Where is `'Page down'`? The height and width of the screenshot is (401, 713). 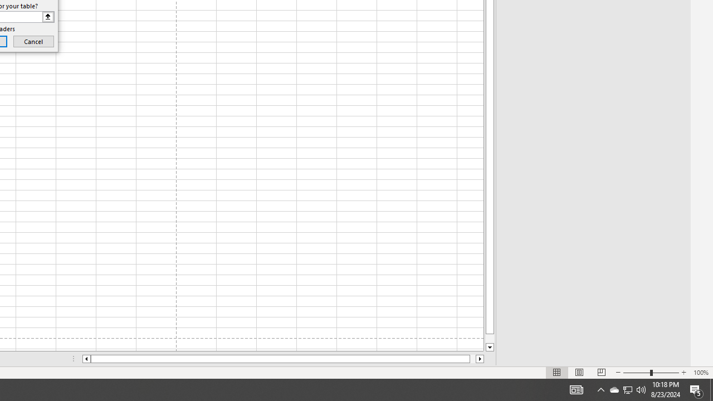 'Page down' is located at coordinates (490, 338).